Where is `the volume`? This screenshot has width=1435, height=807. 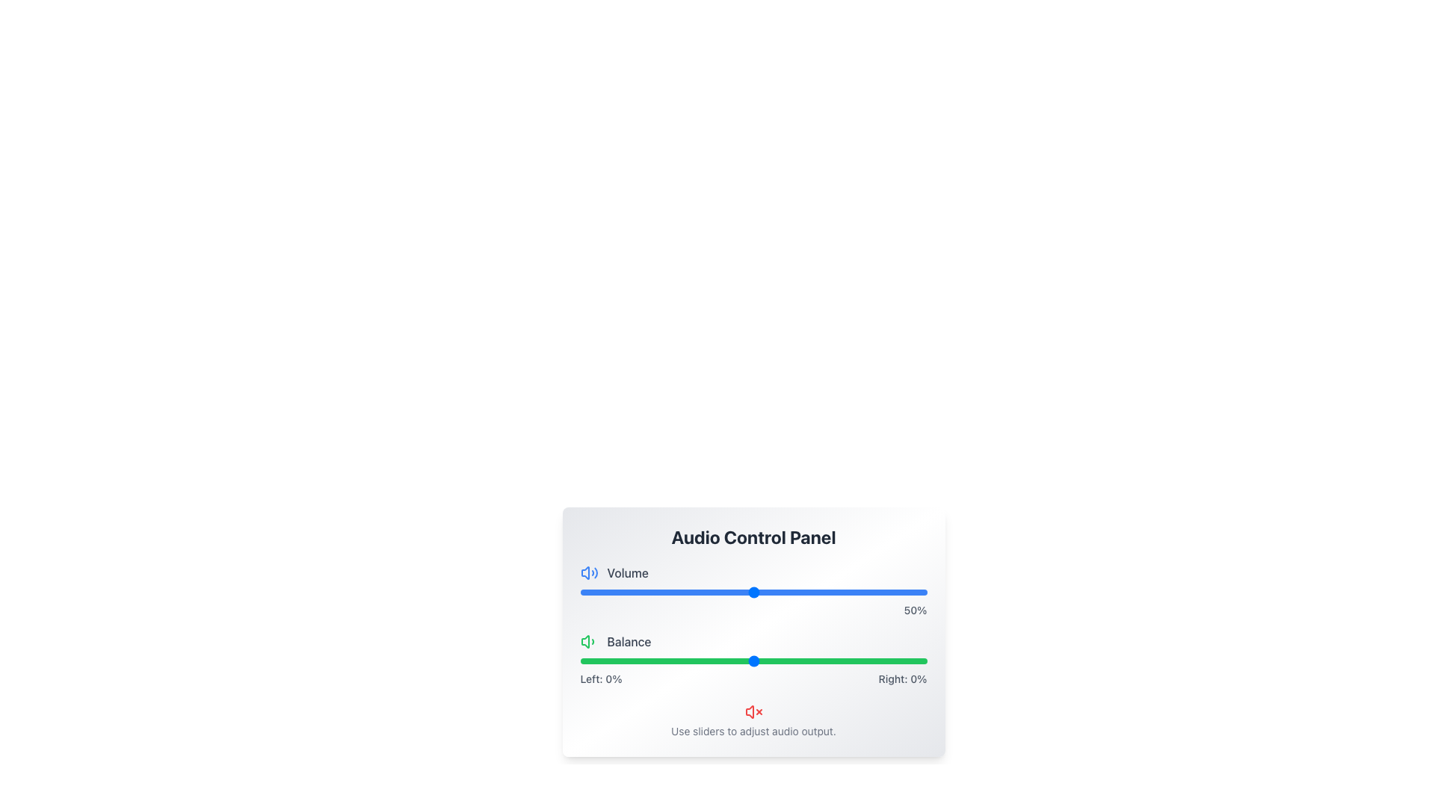
the volume is located at coordinates (649, 592).